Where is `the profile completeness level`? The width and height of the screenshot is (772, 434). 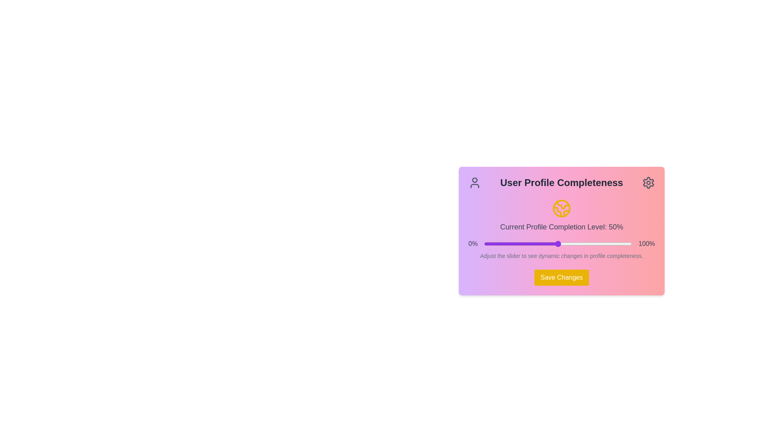
the profile completeness level is located at coordinates (542, 243).